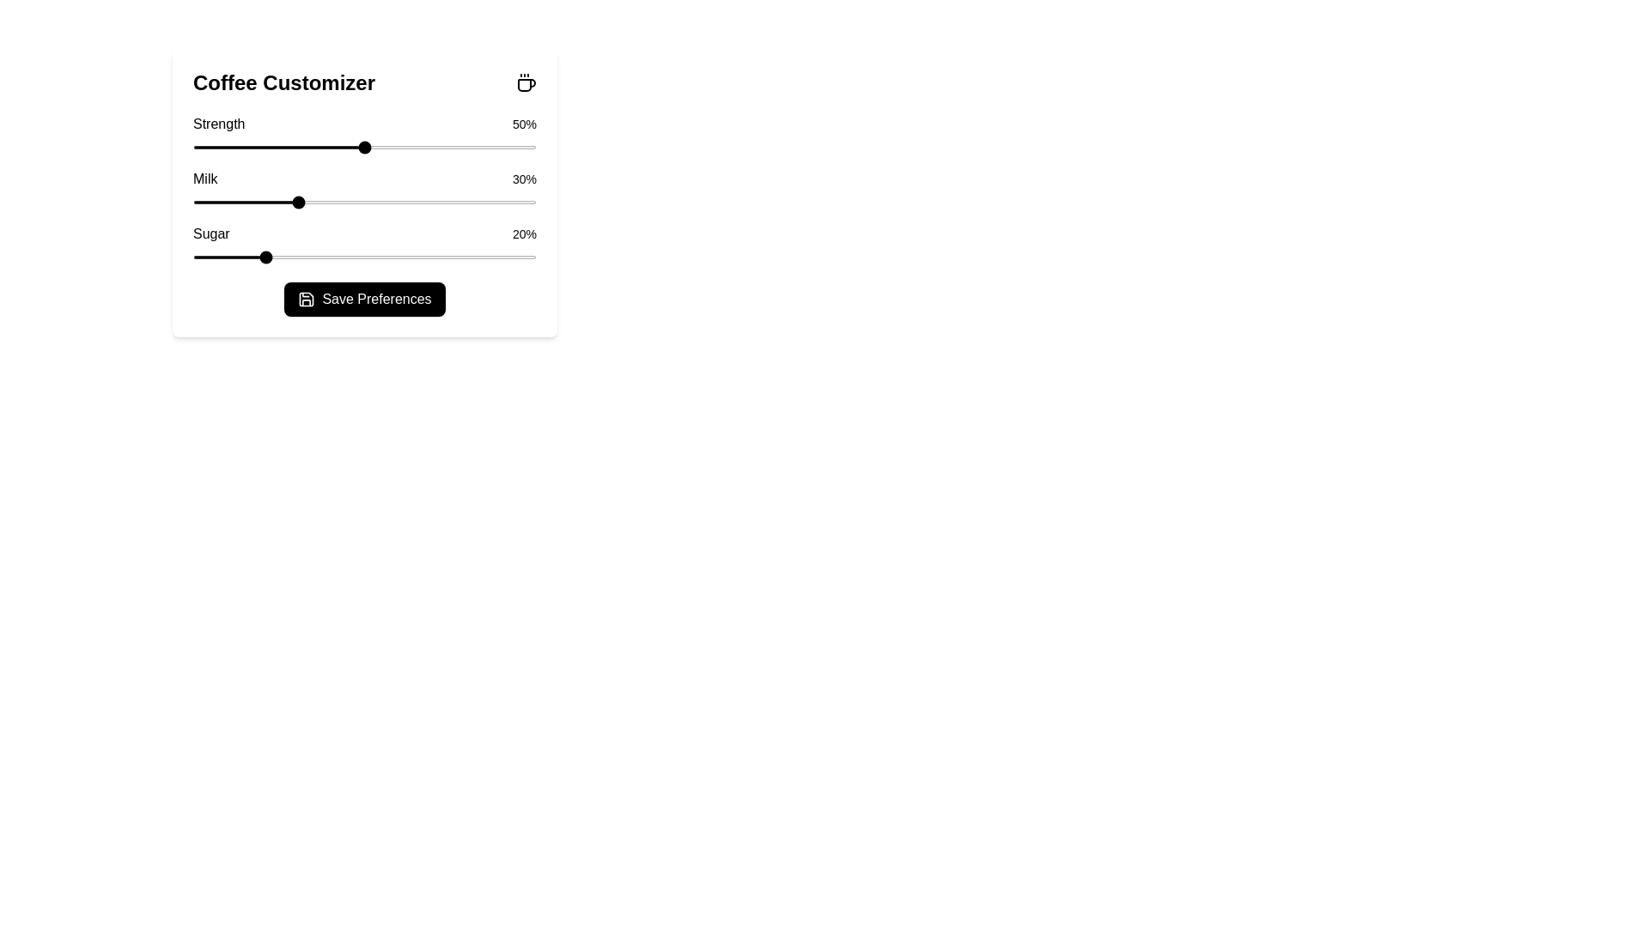 This screenshot has height=927, width=1649. Describe the element at coordinates (364, 298) in the screenshot. I see `the 'Save Preferences' button located beneath the sliders for 'Strength', 'Milk', and 'Sugar' in the 'Coffee Customizer' component` at that location.